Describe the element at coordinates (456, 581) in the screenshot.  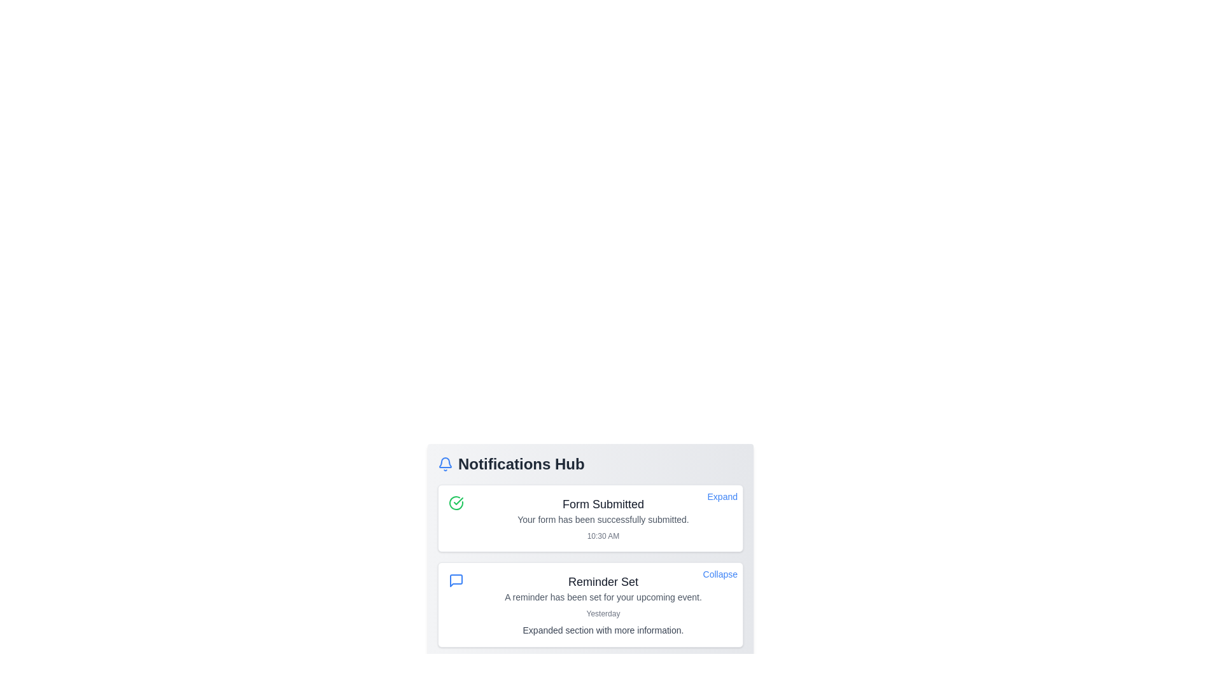
I see `the SVG icon element located` at that location.